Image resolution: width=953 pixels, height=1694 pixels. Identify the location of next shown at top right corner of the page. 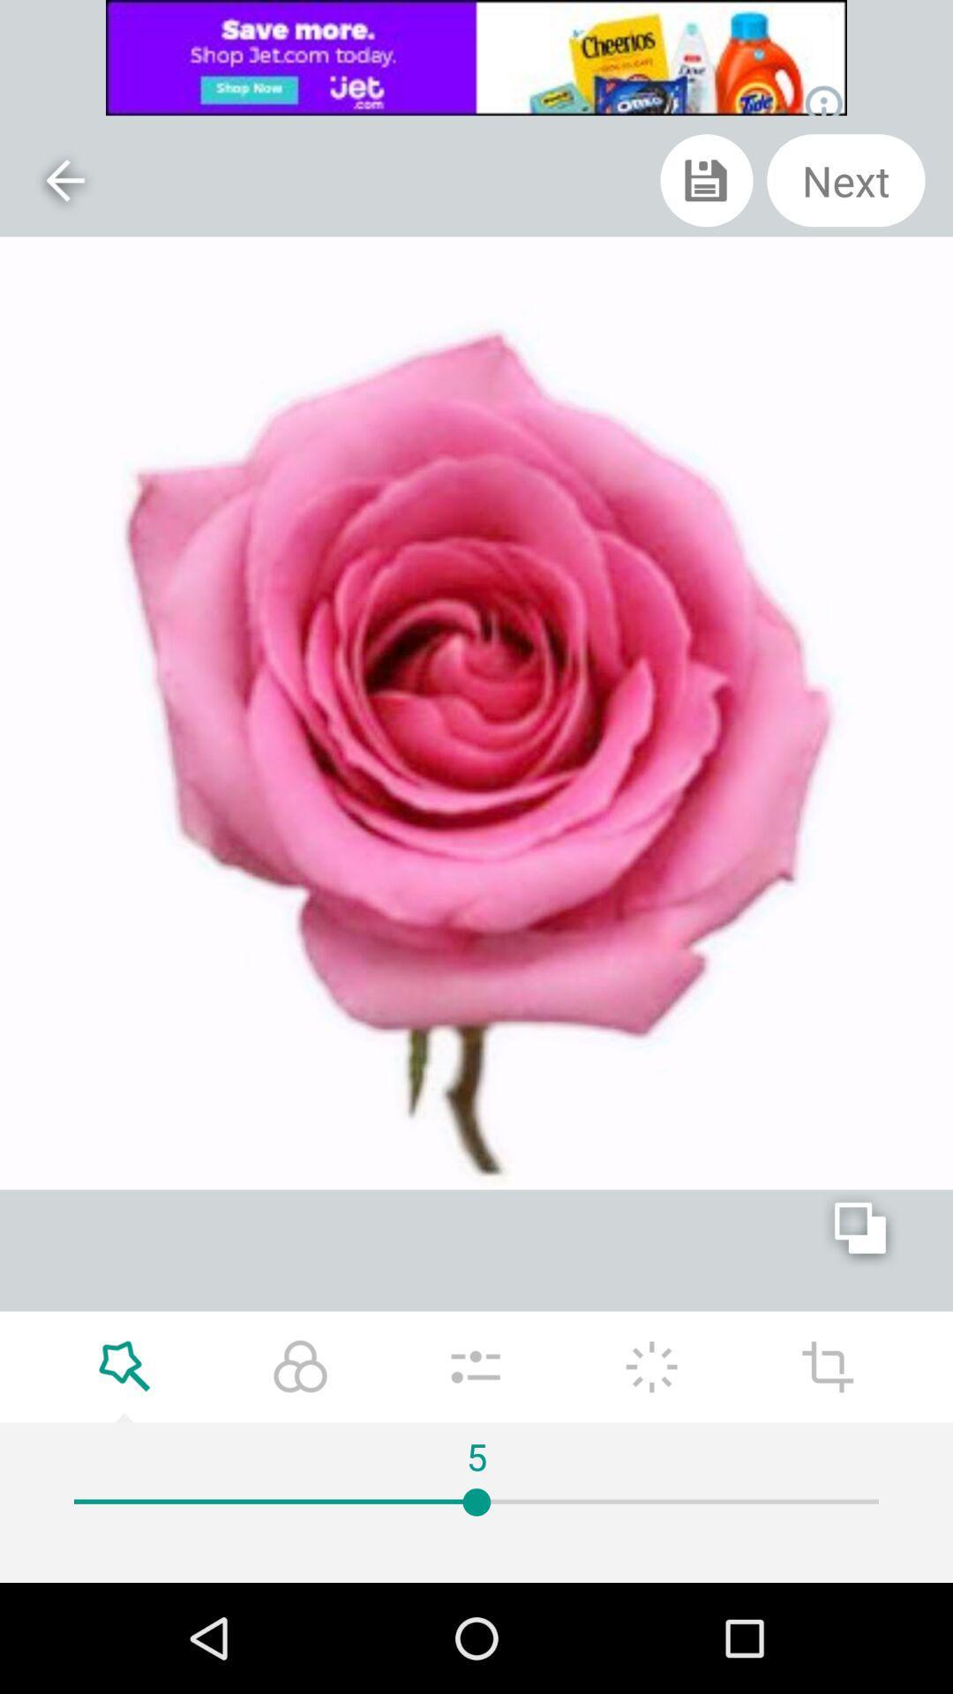
(845, 180).